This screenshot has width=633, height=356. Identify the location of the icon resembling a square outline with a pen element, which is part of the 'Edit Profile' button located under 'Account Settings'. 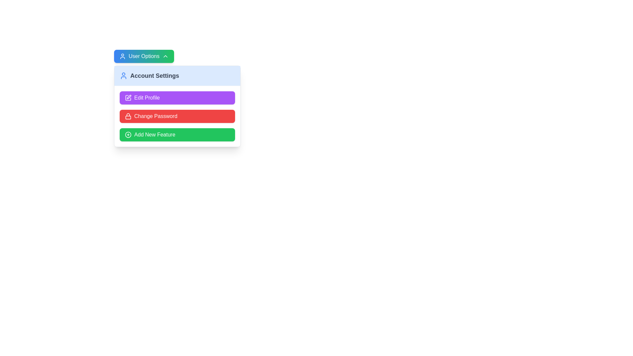
(128, 98).